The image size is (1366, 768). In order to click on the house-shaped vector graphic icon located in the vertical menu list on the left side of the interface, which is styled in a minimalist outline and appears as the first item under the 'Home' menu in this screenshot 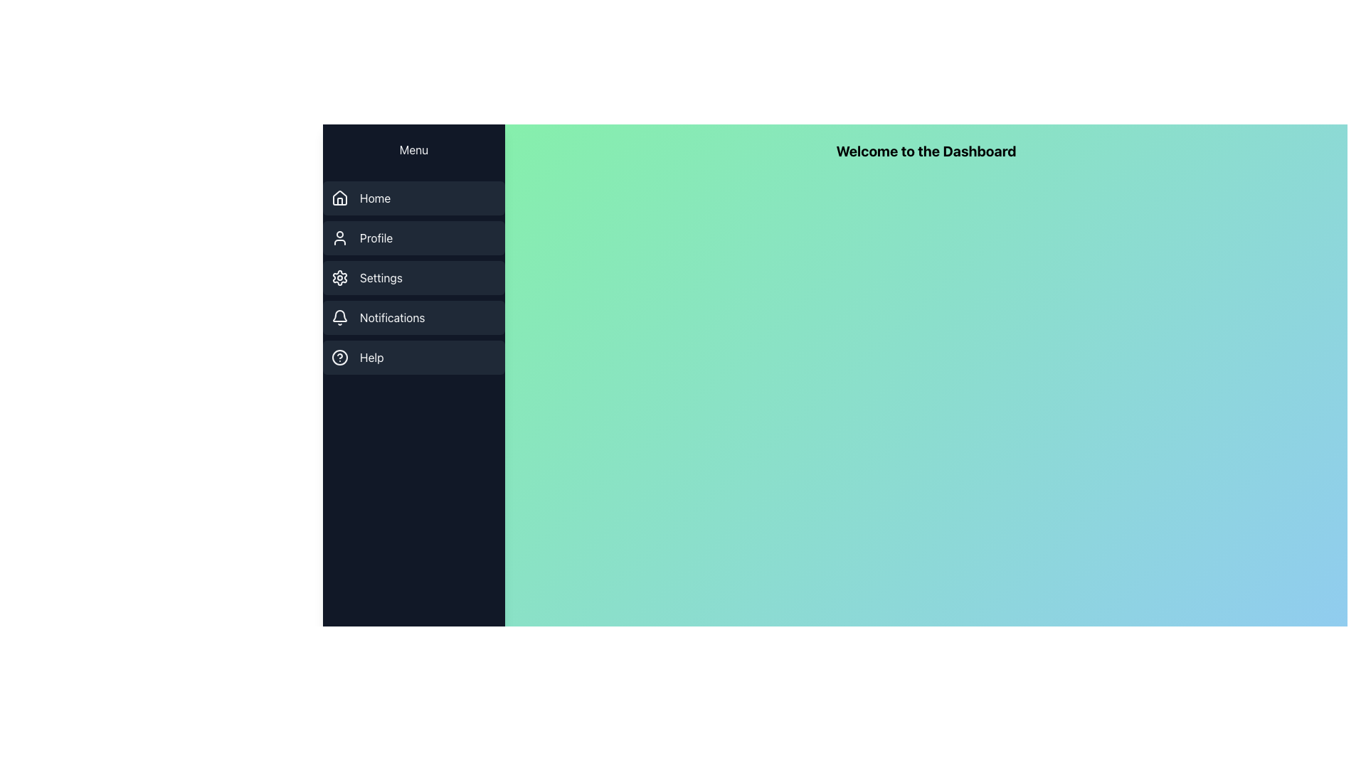, I will do `click(339, 197)`.